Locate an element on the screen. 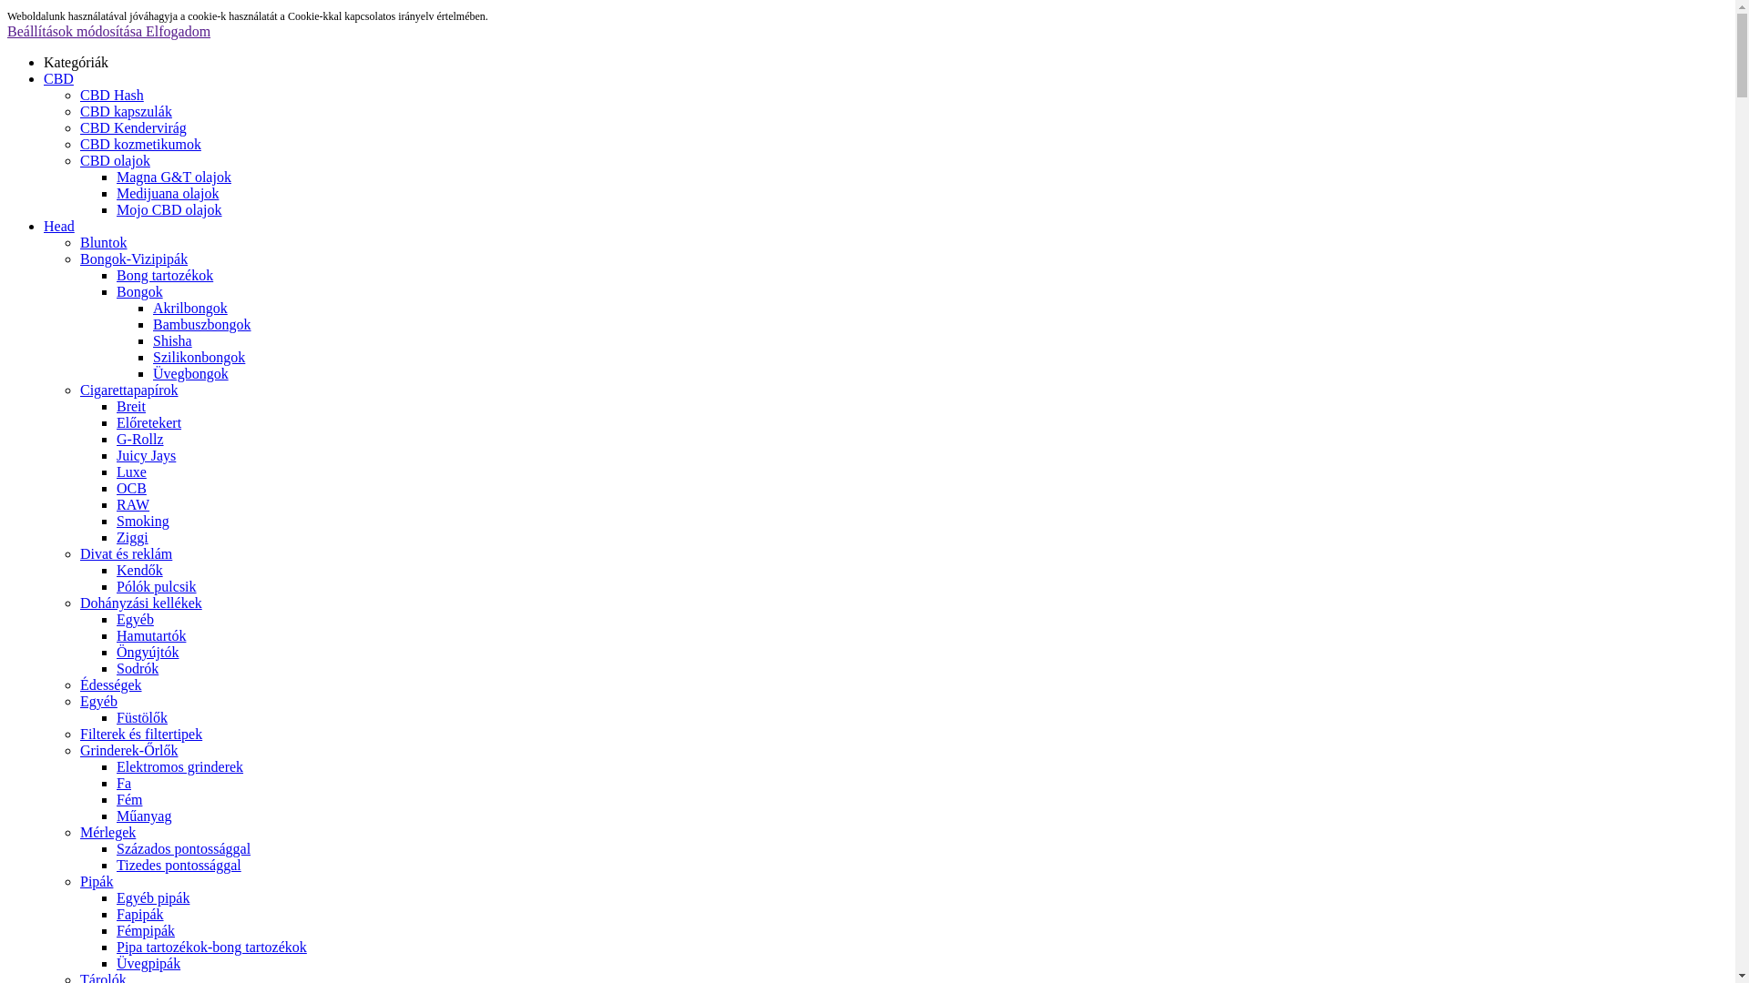 This screenshot has height=983, width=1749. 'Medijuana olajok' is located at coordinates (167, 193).